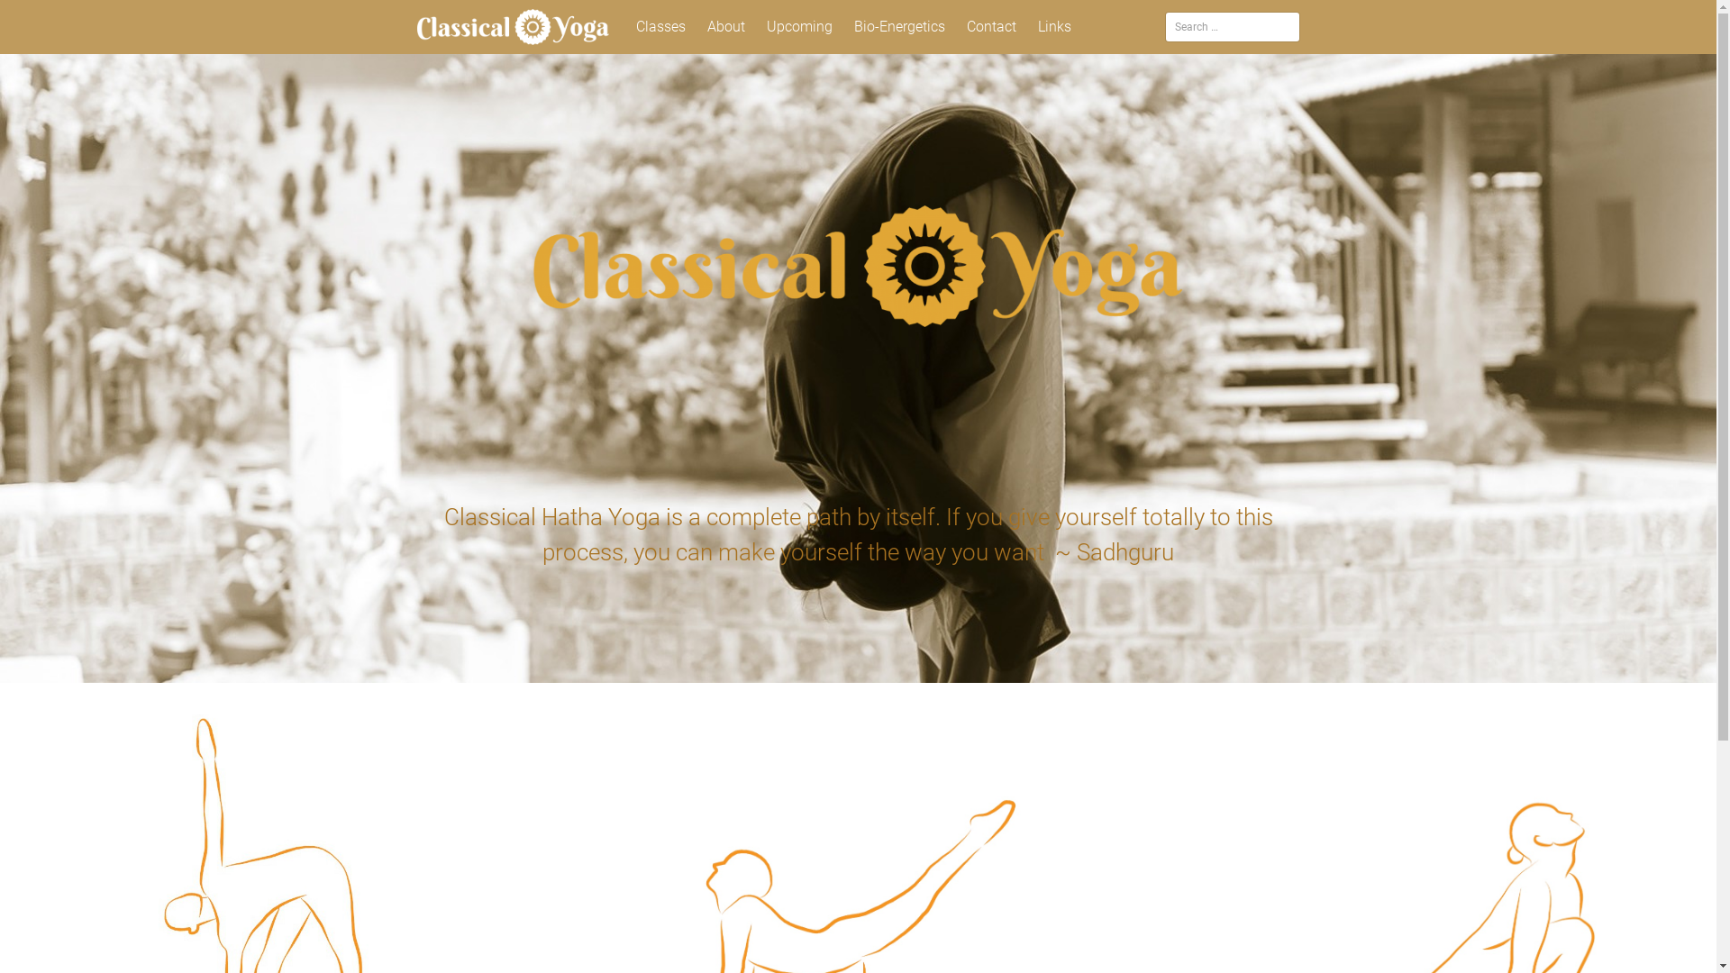 This screenshot has height=973, width=1730. Describe the element at coordinates (990, 27) in the screenshot. I see `'Contact'` at that location.